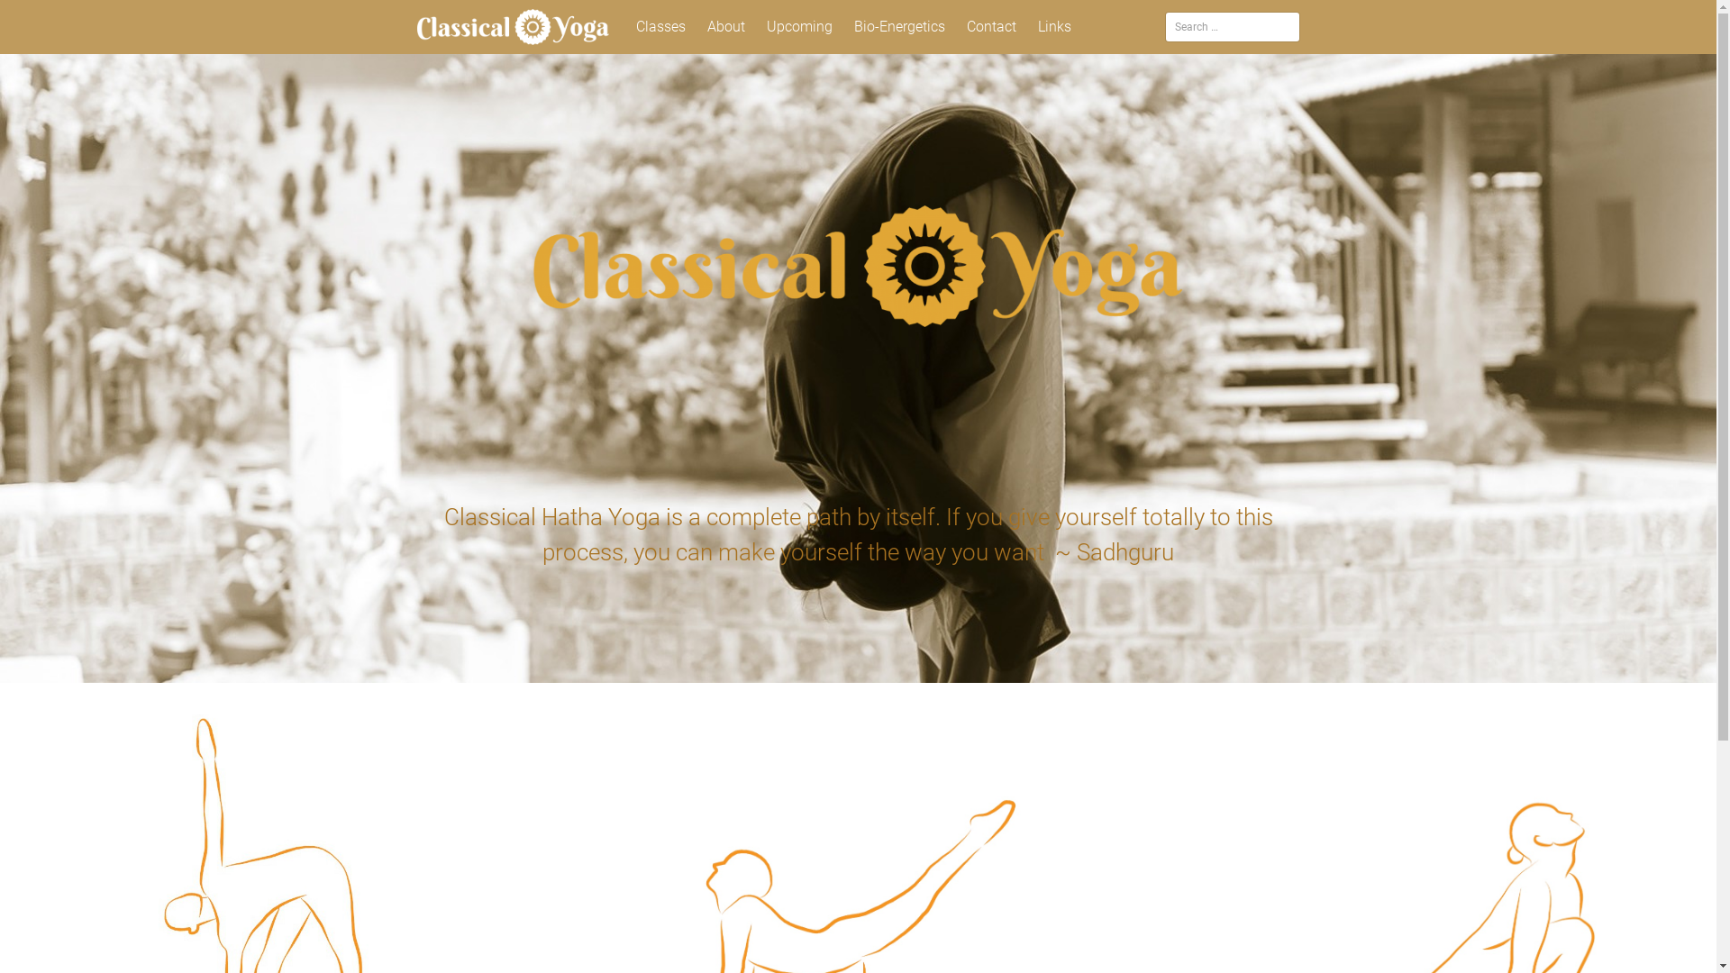 This screenshot has height=973, width=1730. Describe the element at coordinates (990, 27) in the screenshot. I see `'Contact'` at that location.